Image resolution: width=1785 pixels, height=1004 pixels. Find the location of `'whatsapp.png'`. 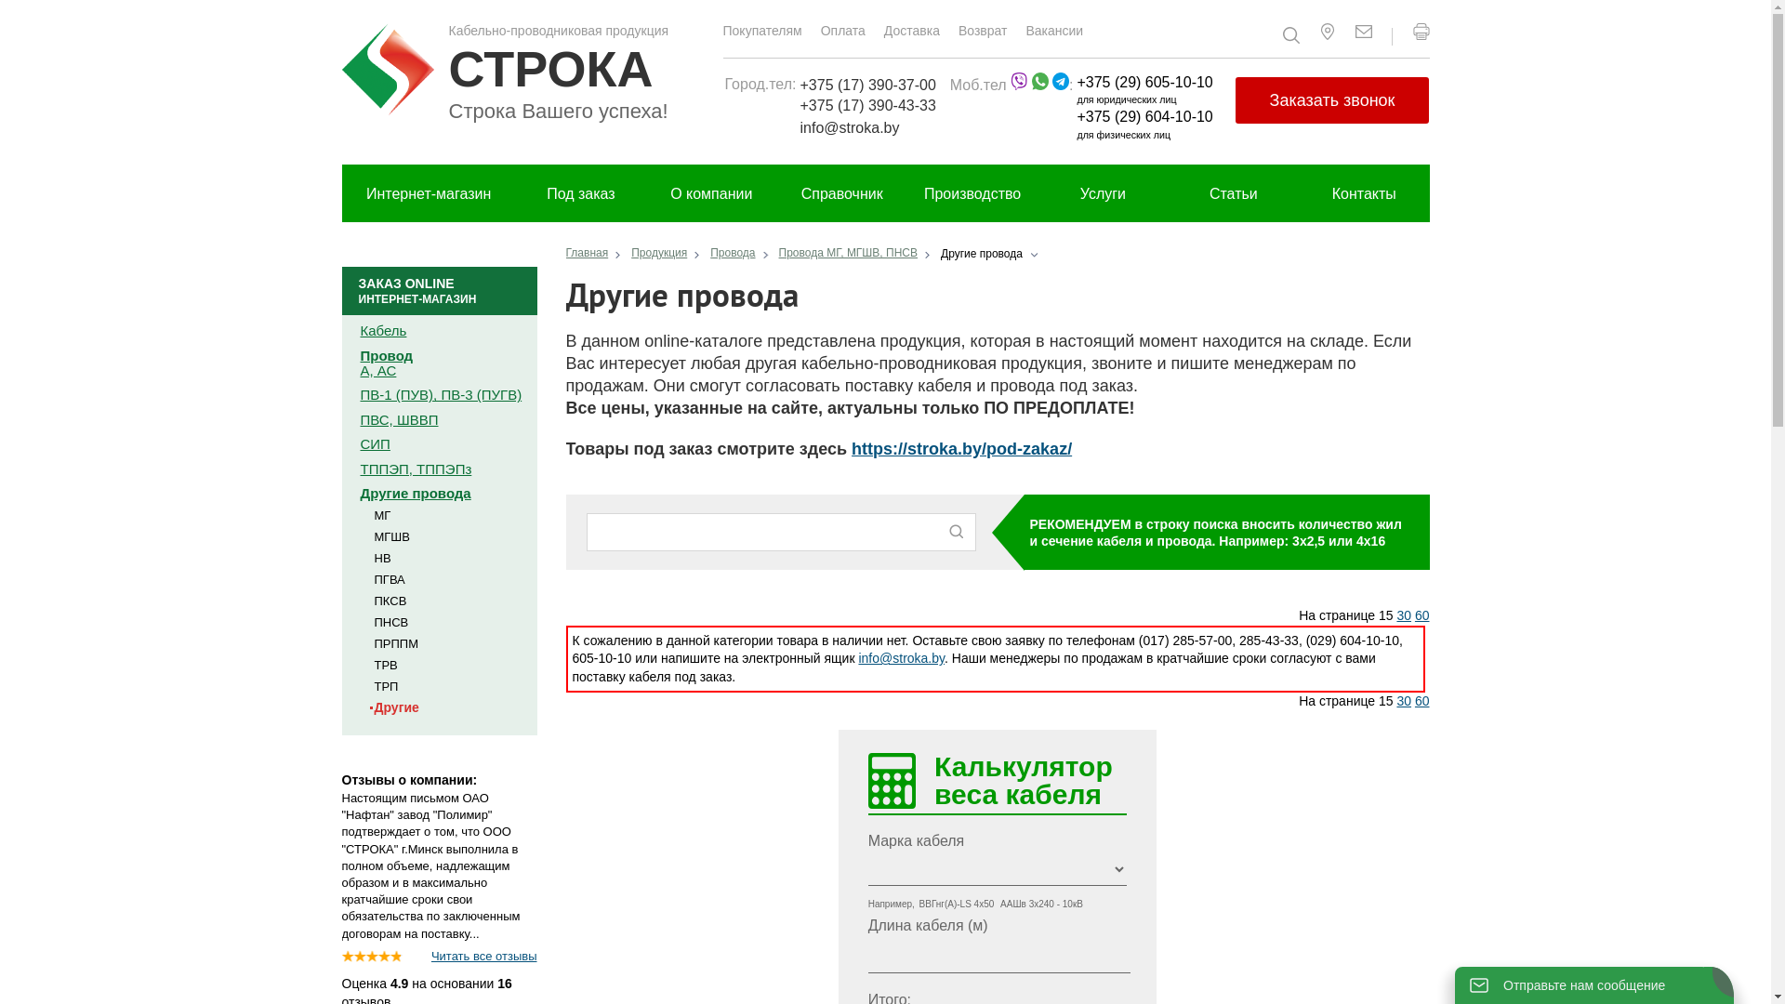

'whatsapp.png' is located at coordinates (1038, 80).